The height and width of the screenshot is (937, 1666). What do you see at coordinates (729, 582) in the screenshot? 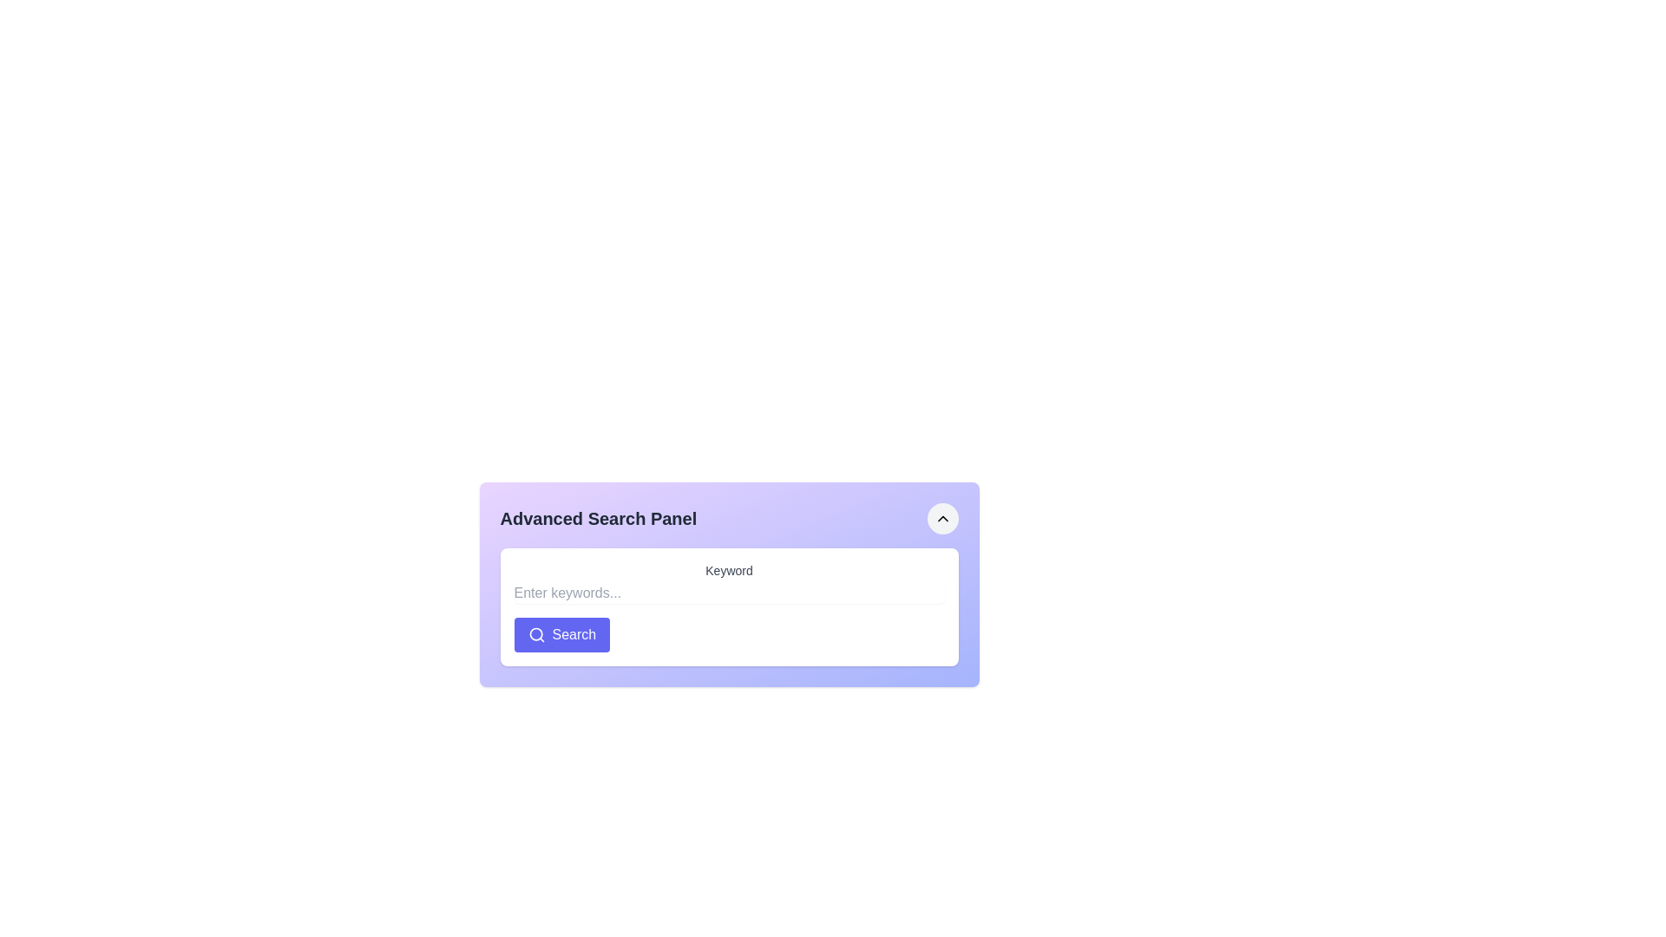
I see `the static text label displaying the word 'Keyword', which is styled with a small font size and medium gray color, positioned centrally above the input field in the 'Keyword Search' panel` at bounding box center [729, 582].